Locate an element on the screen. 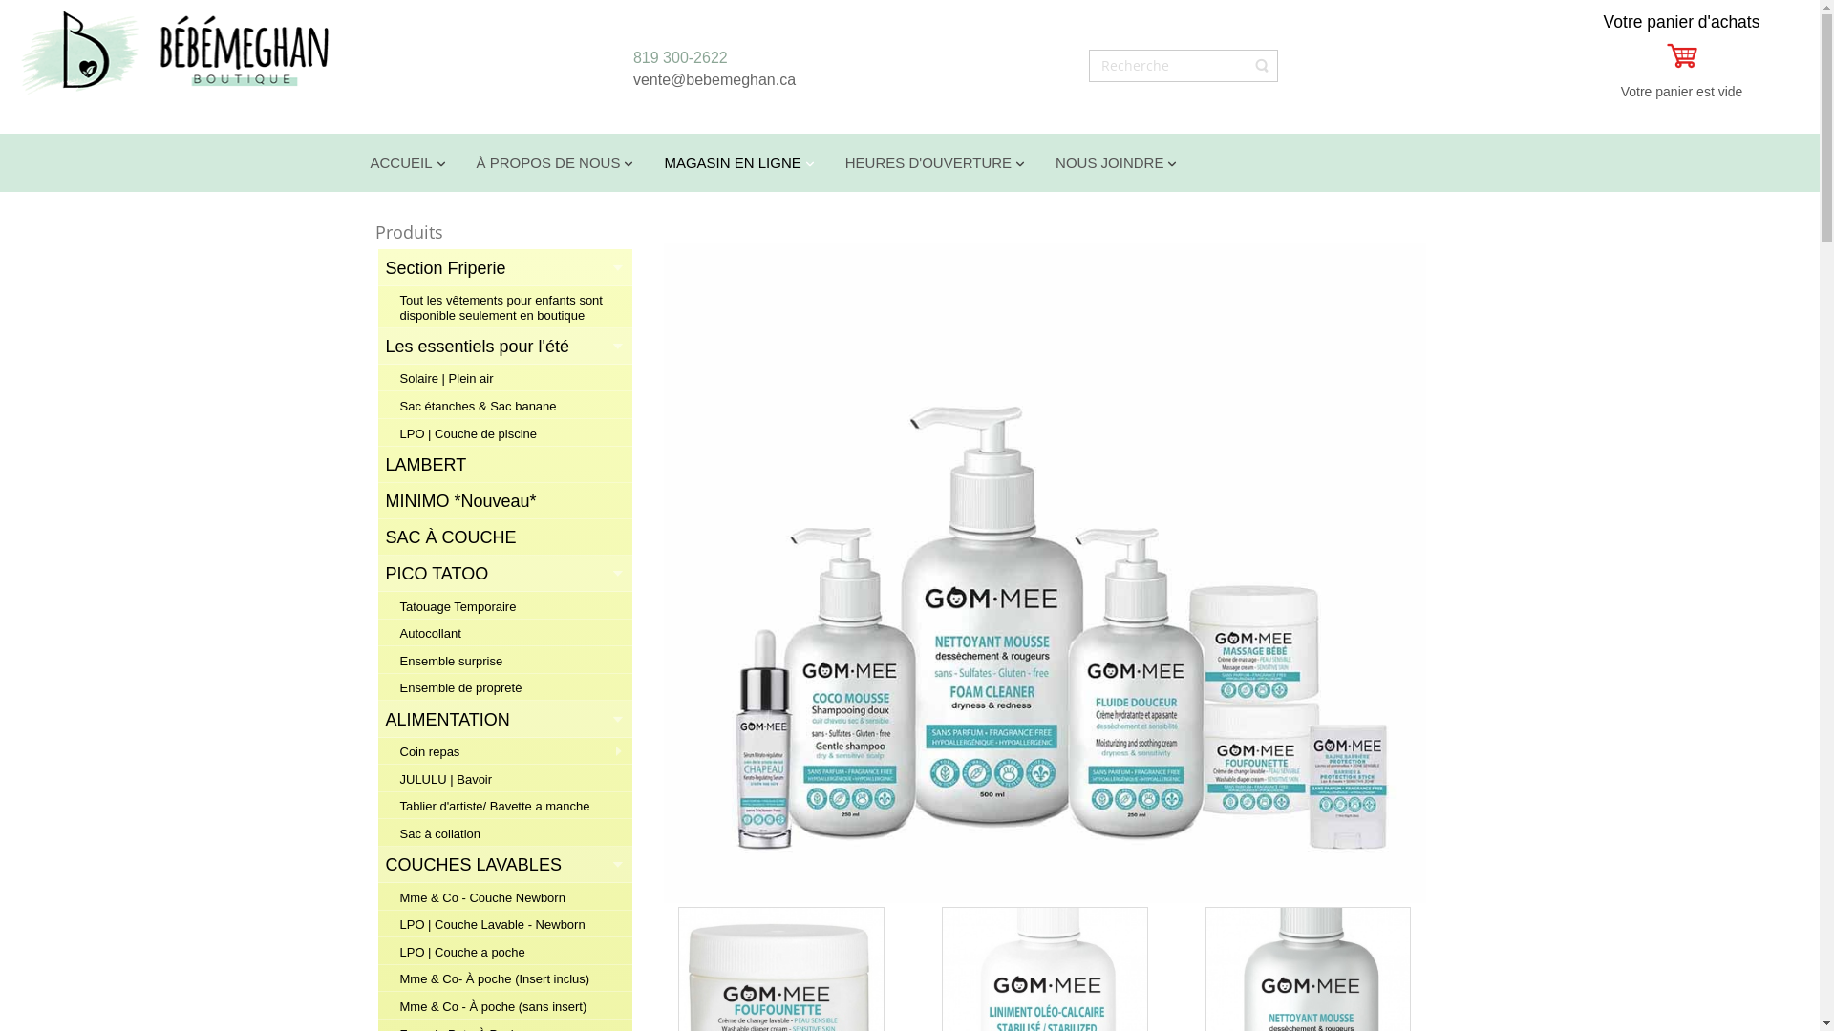 The image size is (1834, 1031). 'JULULU | Bavoir' is located at coordinates (503, 779).